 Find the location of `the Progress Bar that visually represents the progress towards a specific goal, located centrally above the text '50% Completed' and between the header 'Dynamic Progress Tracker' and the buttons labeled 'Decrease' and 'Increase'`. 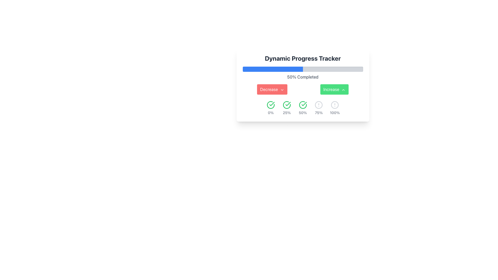

the Progress Bar that visually represents the progress towards a specific goal, located centrally above the text '50% Completed' and between the header 'Dynamic Progress Tracker' and the buttons labeled 'Decrease' and 'Increase' is located at coordinates (303, 69).